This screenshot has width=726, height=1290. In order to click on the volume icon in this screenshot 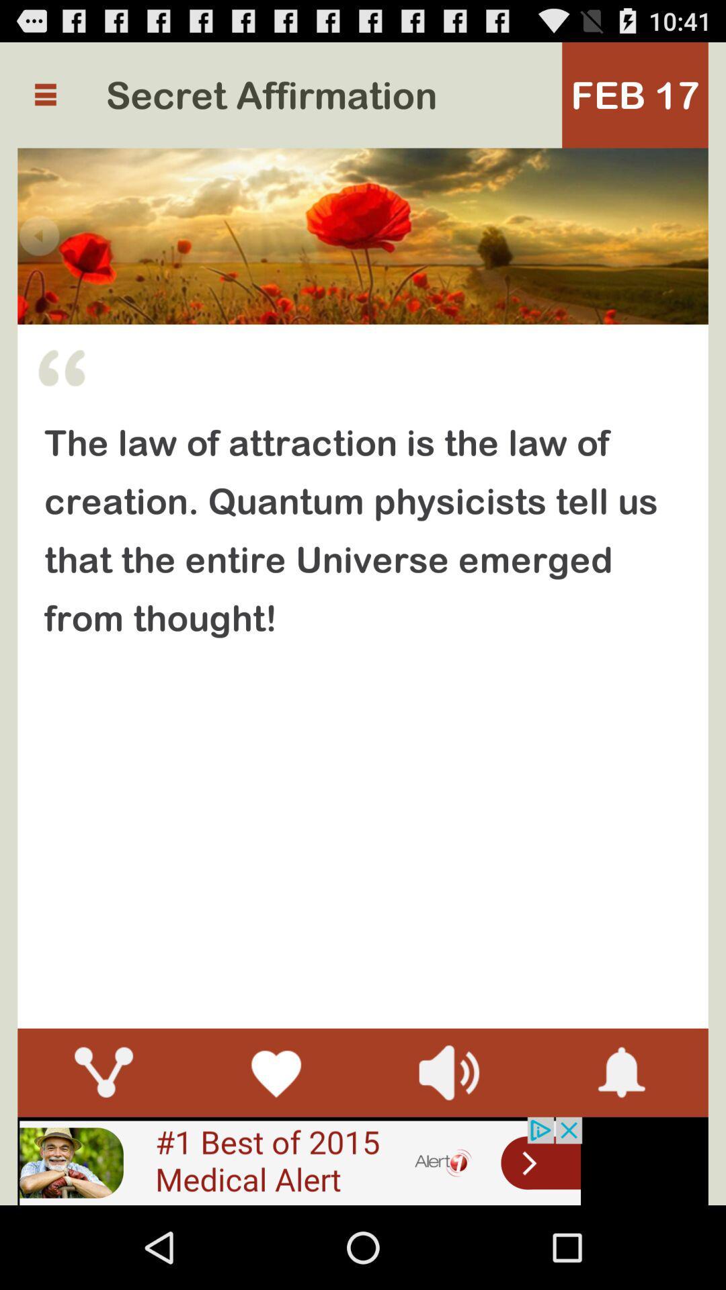, I will do `click(448, 1147)`.